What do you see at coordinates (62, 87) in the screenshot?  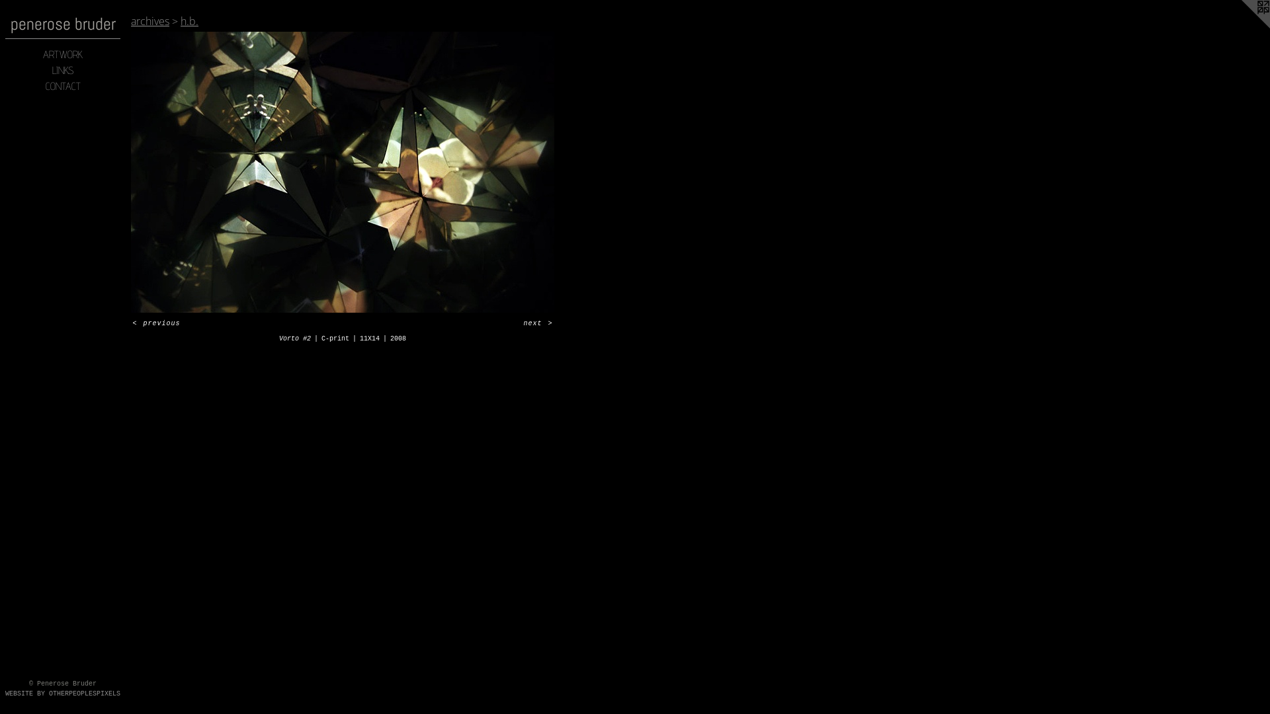 I see `'CONTACT'` at bounding box center [62, 87].